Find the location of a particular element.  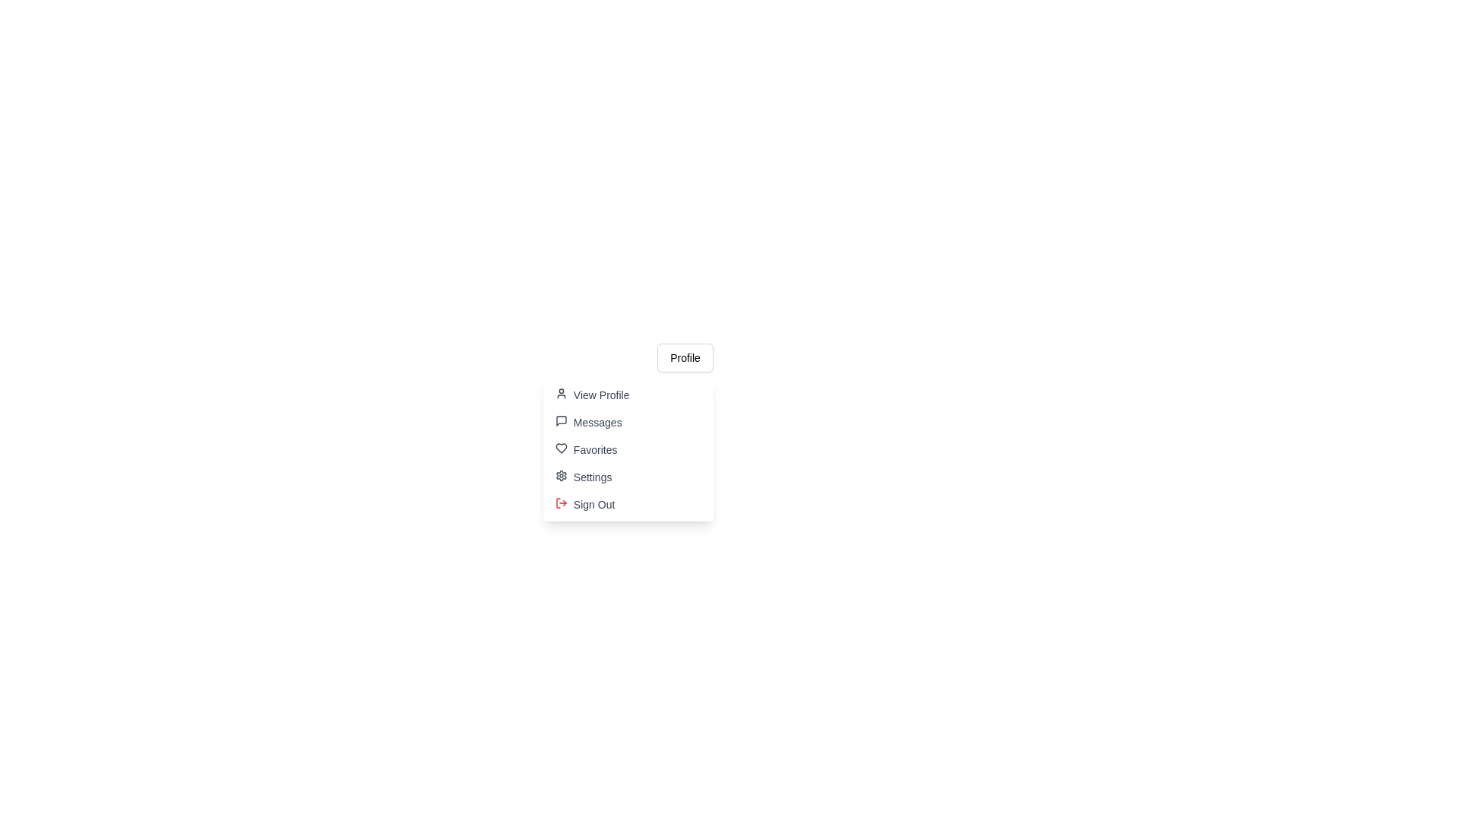

the 'View Profile' menu item, which is the first entry in the vertical menu and includes a user icon is located at coordinates (628, 395).